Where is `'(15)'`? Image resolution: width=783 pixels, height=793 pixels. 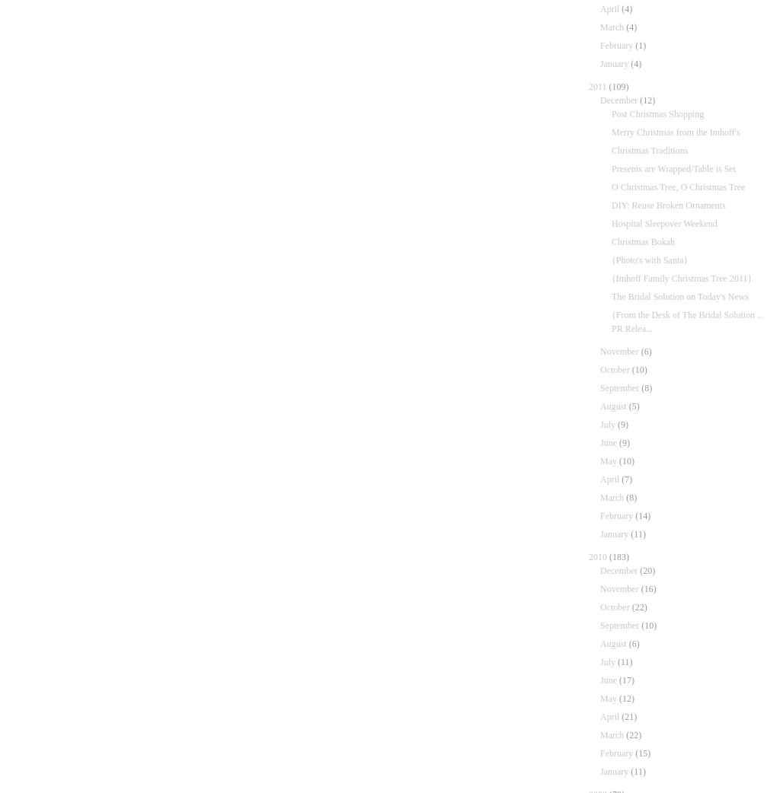 '(15)' is located at coordinates (641, 753).